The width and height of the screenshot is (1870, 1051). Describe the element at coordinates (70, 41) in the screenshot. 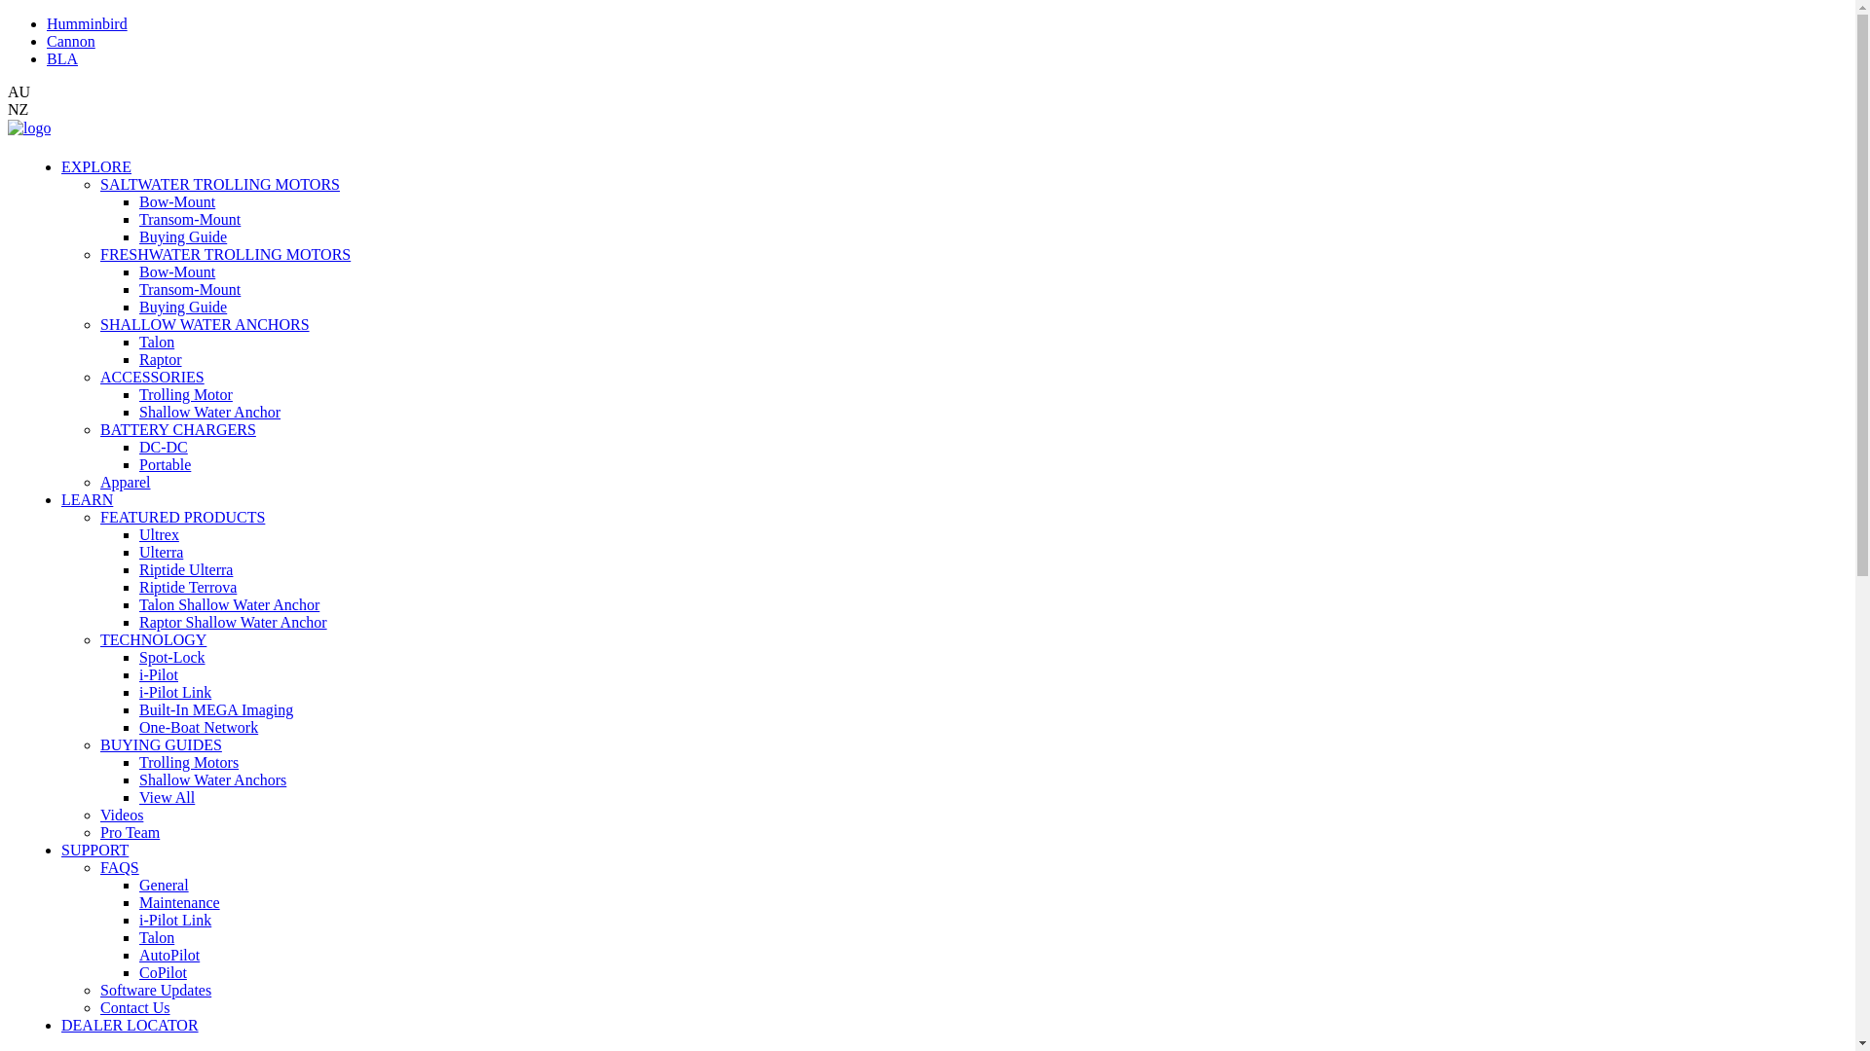

I see `'Cannon'` at that location.